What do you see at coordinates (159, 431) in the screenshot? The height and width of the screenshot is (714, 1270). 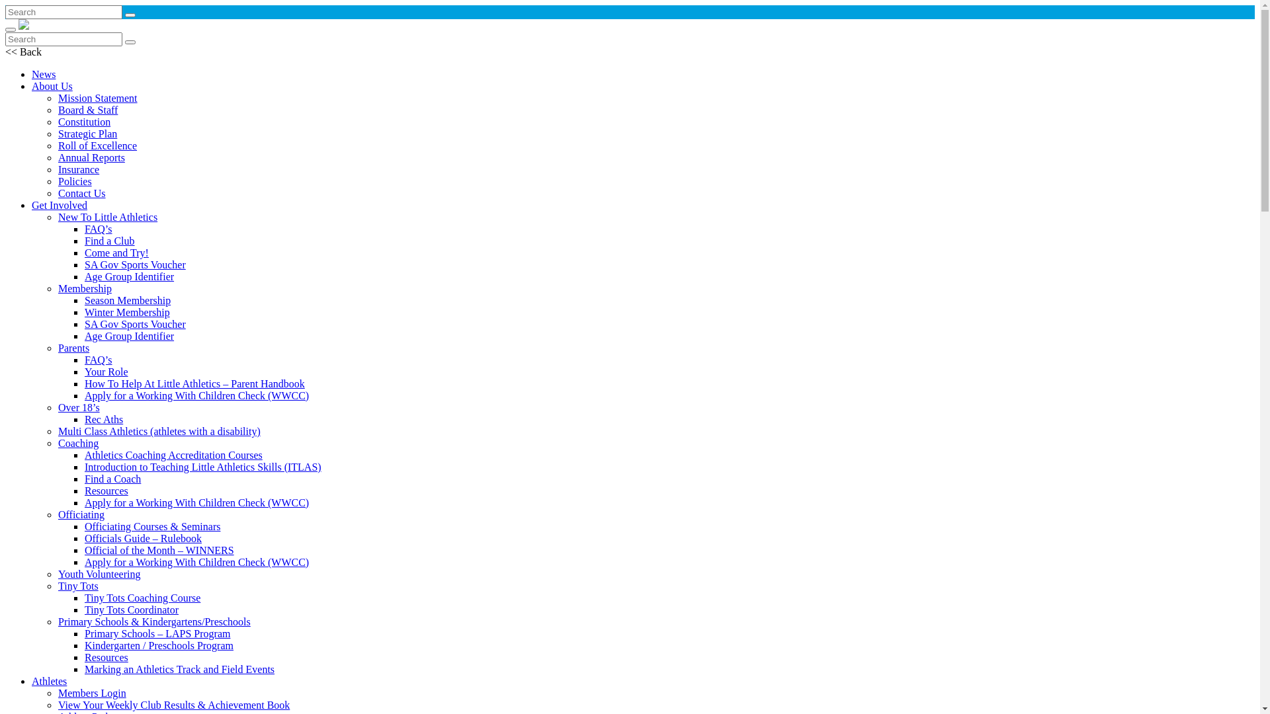 I see `'Multi Class Athletics (athletes with a disability)'` at bounding box center [159, 431].